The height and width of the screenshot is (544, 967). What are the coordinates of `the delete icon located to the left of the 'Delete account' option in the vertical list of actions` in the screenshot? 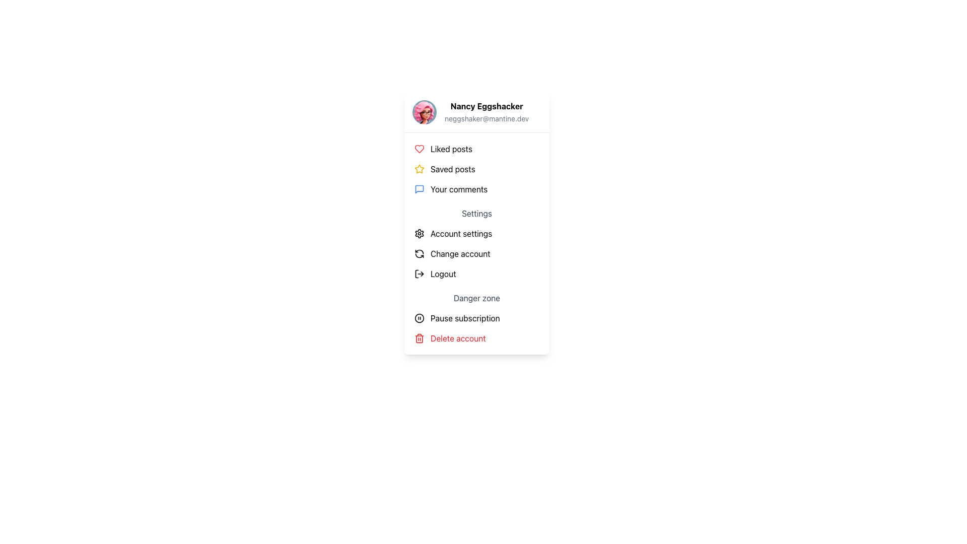 It's located at (420, 338).